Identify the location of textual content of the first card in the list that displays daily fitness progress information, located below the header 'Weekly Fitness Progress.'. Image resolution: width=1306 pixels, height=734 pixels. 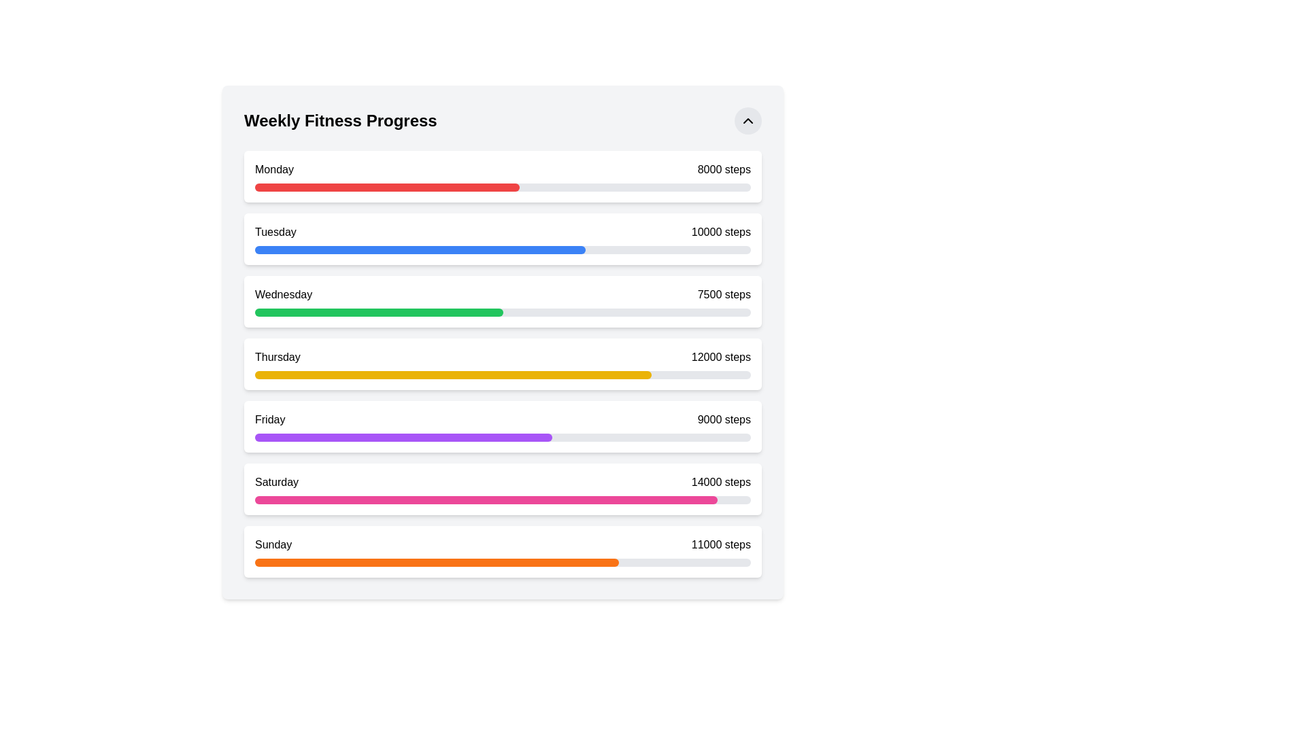
(502, 175).